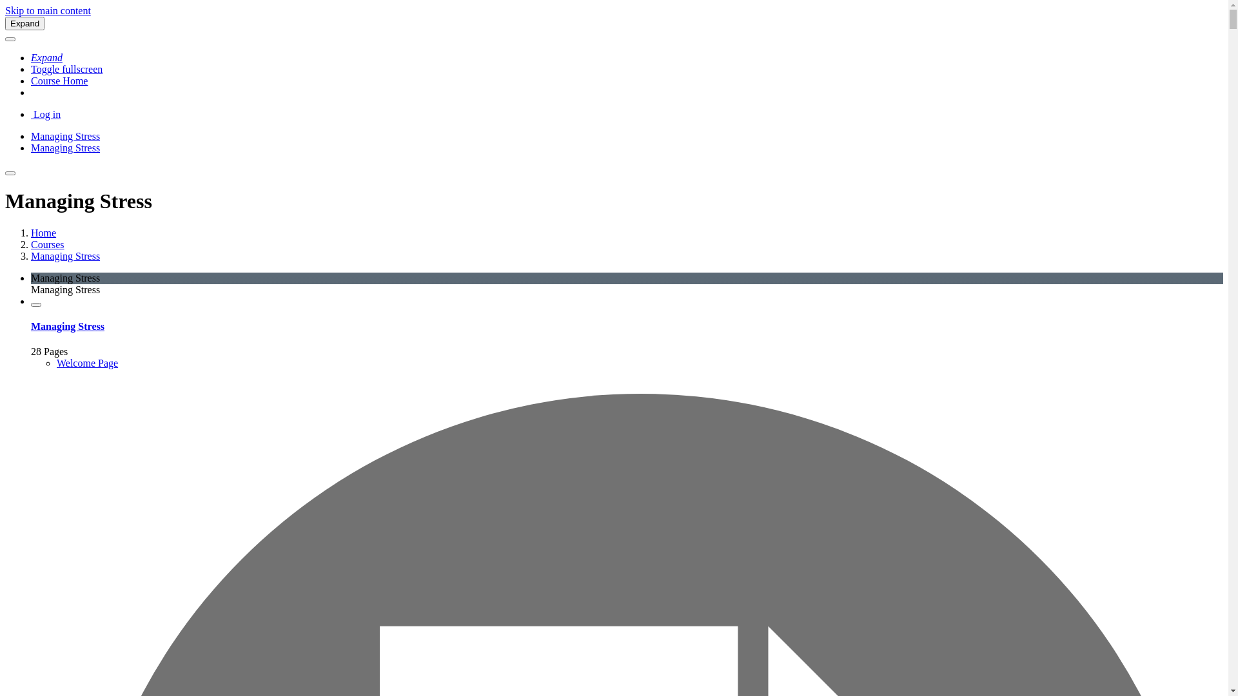 The image size is (1238, 696). Describe the element at coordinates (46, 113) in the screenshot. I see `' Log in'` at that location.